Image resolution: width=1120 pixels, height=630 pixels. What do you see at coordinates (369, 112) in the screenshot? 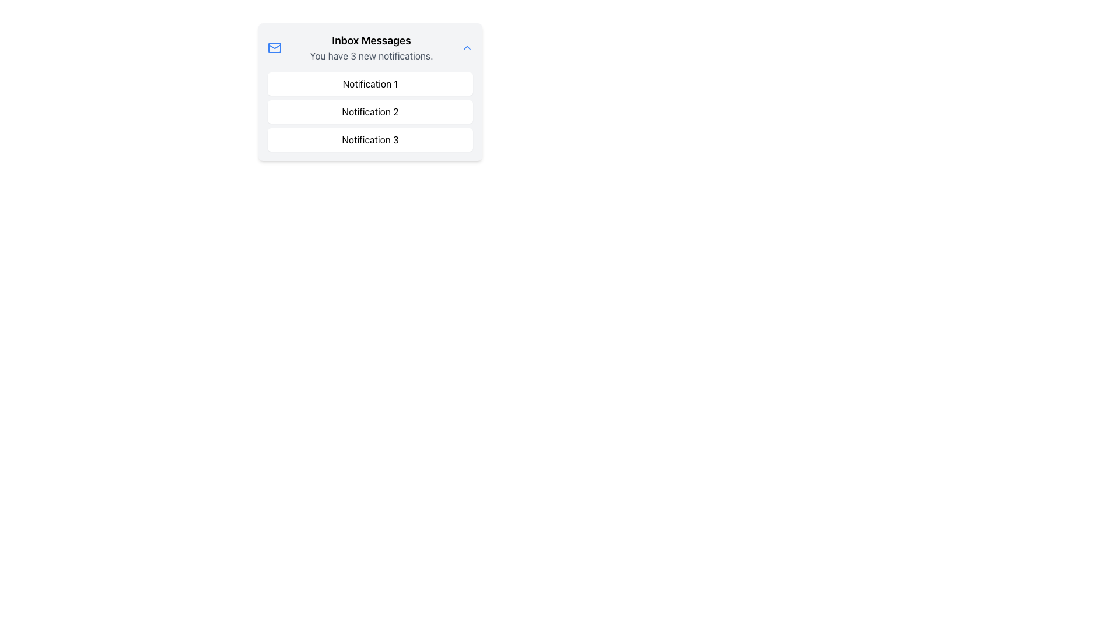
I see `the list component containing multiple notifications styled with a white background and rounded corners` at bounding box center [369, 112].